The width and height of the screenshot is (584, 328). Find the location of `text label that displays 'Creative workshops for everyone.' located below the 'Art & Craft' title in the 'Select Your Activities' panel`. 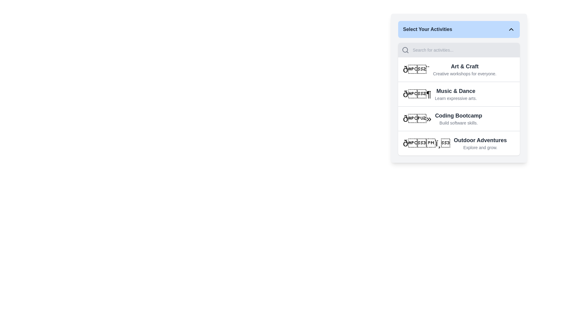

text label that displays 'Creative workshops for everyone.' located below the 'Art & Craft' title in the 'Select Your Activities' panel is located at coordinates (464, 73).